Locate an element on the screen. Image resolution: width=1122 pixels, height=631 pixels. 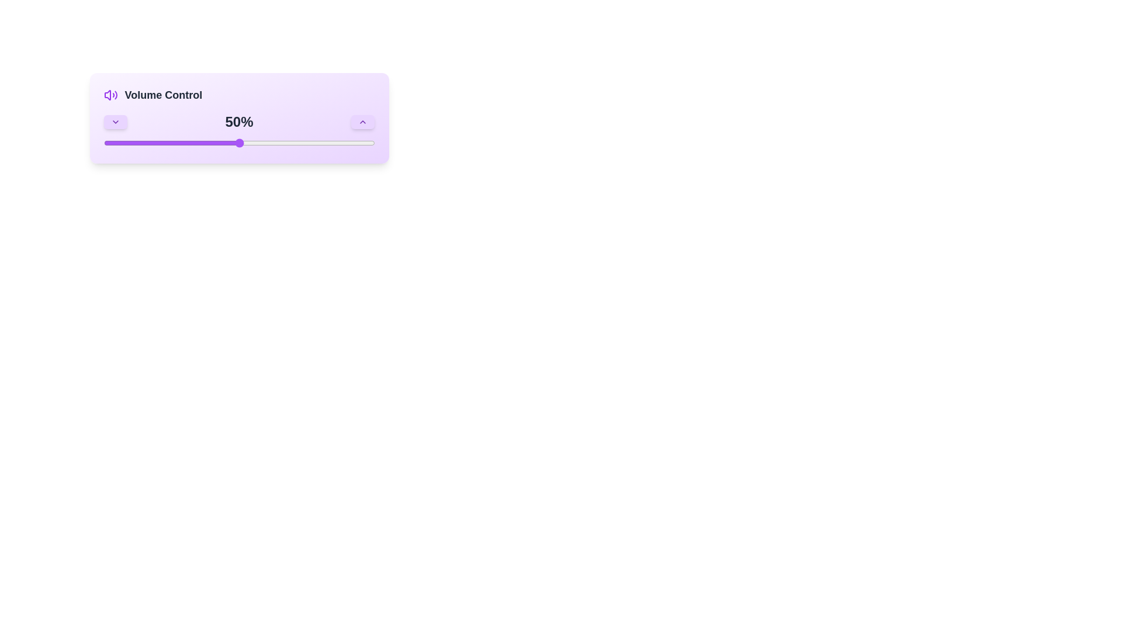
the volume slider is located at coordinates (288, 143).